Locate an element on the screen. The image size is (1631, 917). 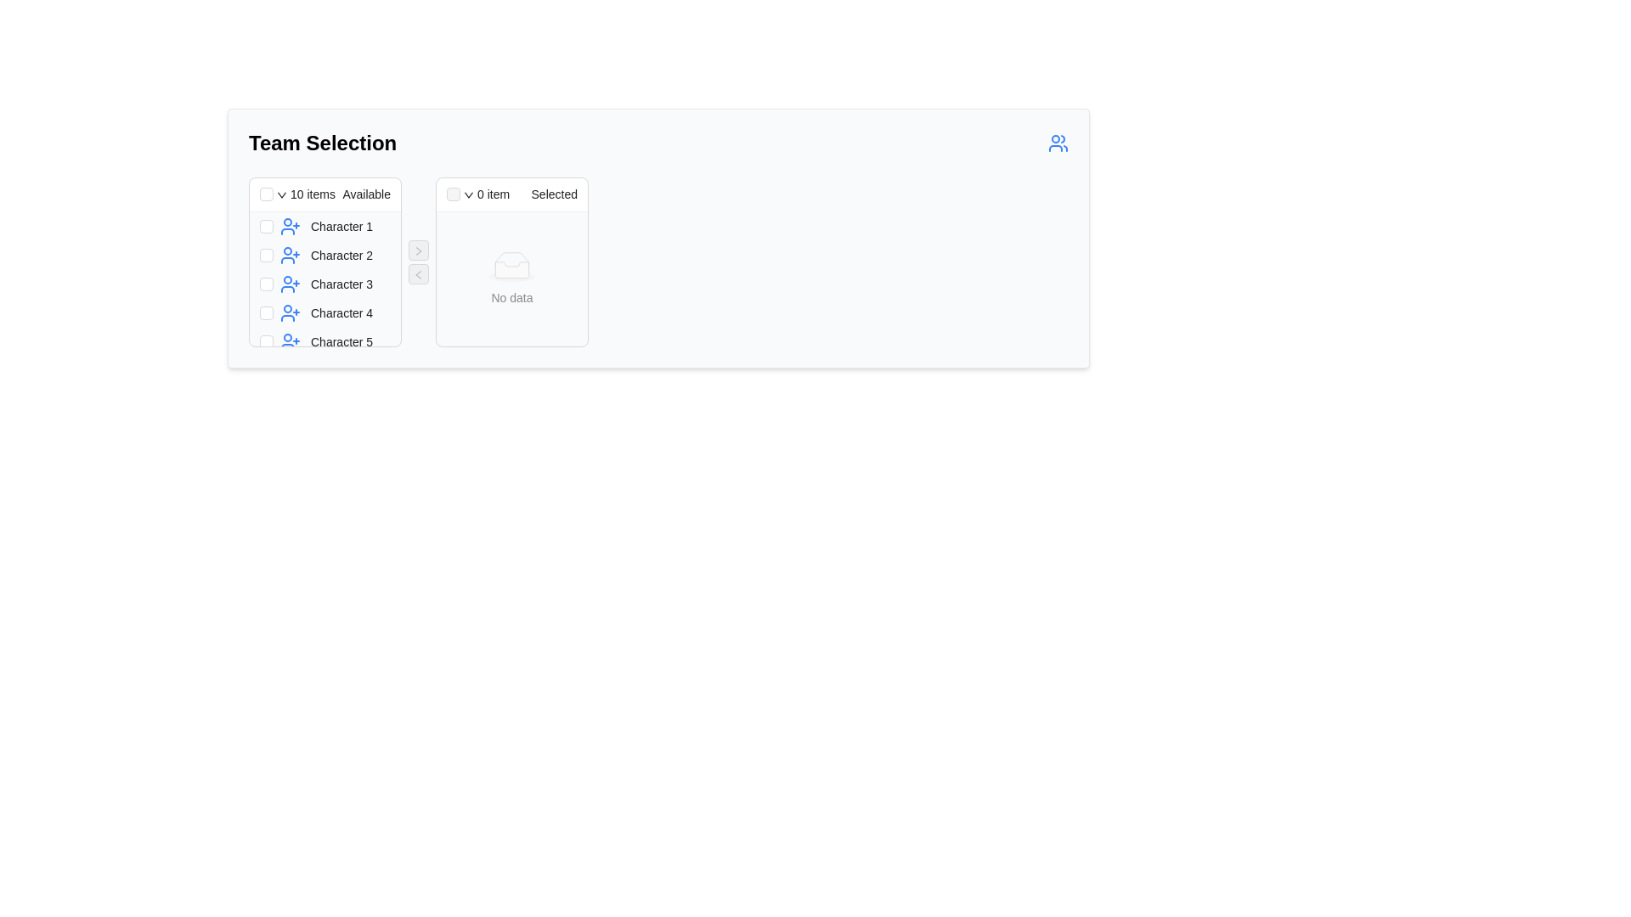
the 'Selected' section of the Transfer widget, which indicates that no items are selected, located on the right side of the layout is located at coordinates (511, 262).